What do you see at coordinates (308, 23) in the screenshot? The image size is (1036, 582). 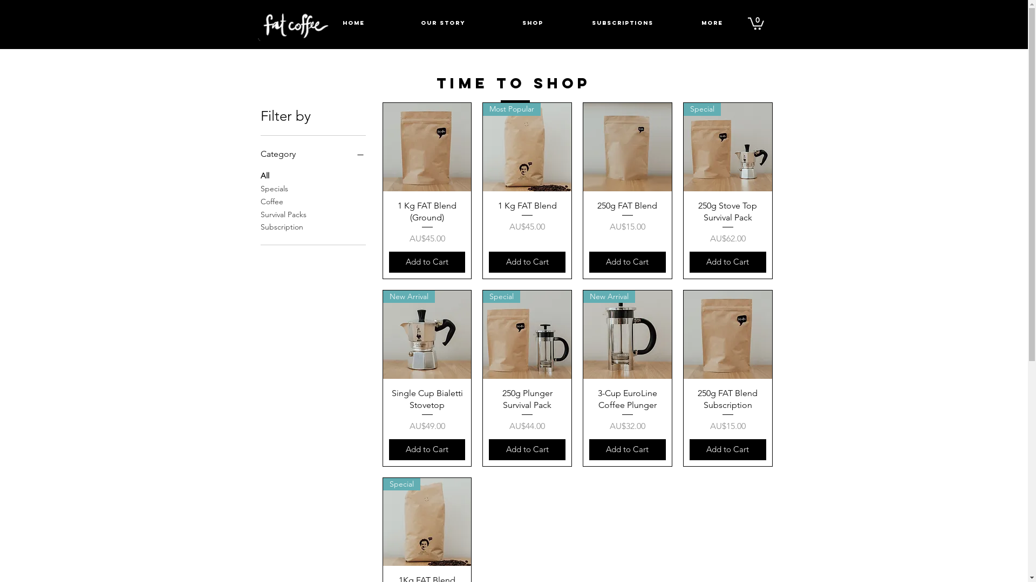 I see `'HOME'` at bounding box center [308, 23].